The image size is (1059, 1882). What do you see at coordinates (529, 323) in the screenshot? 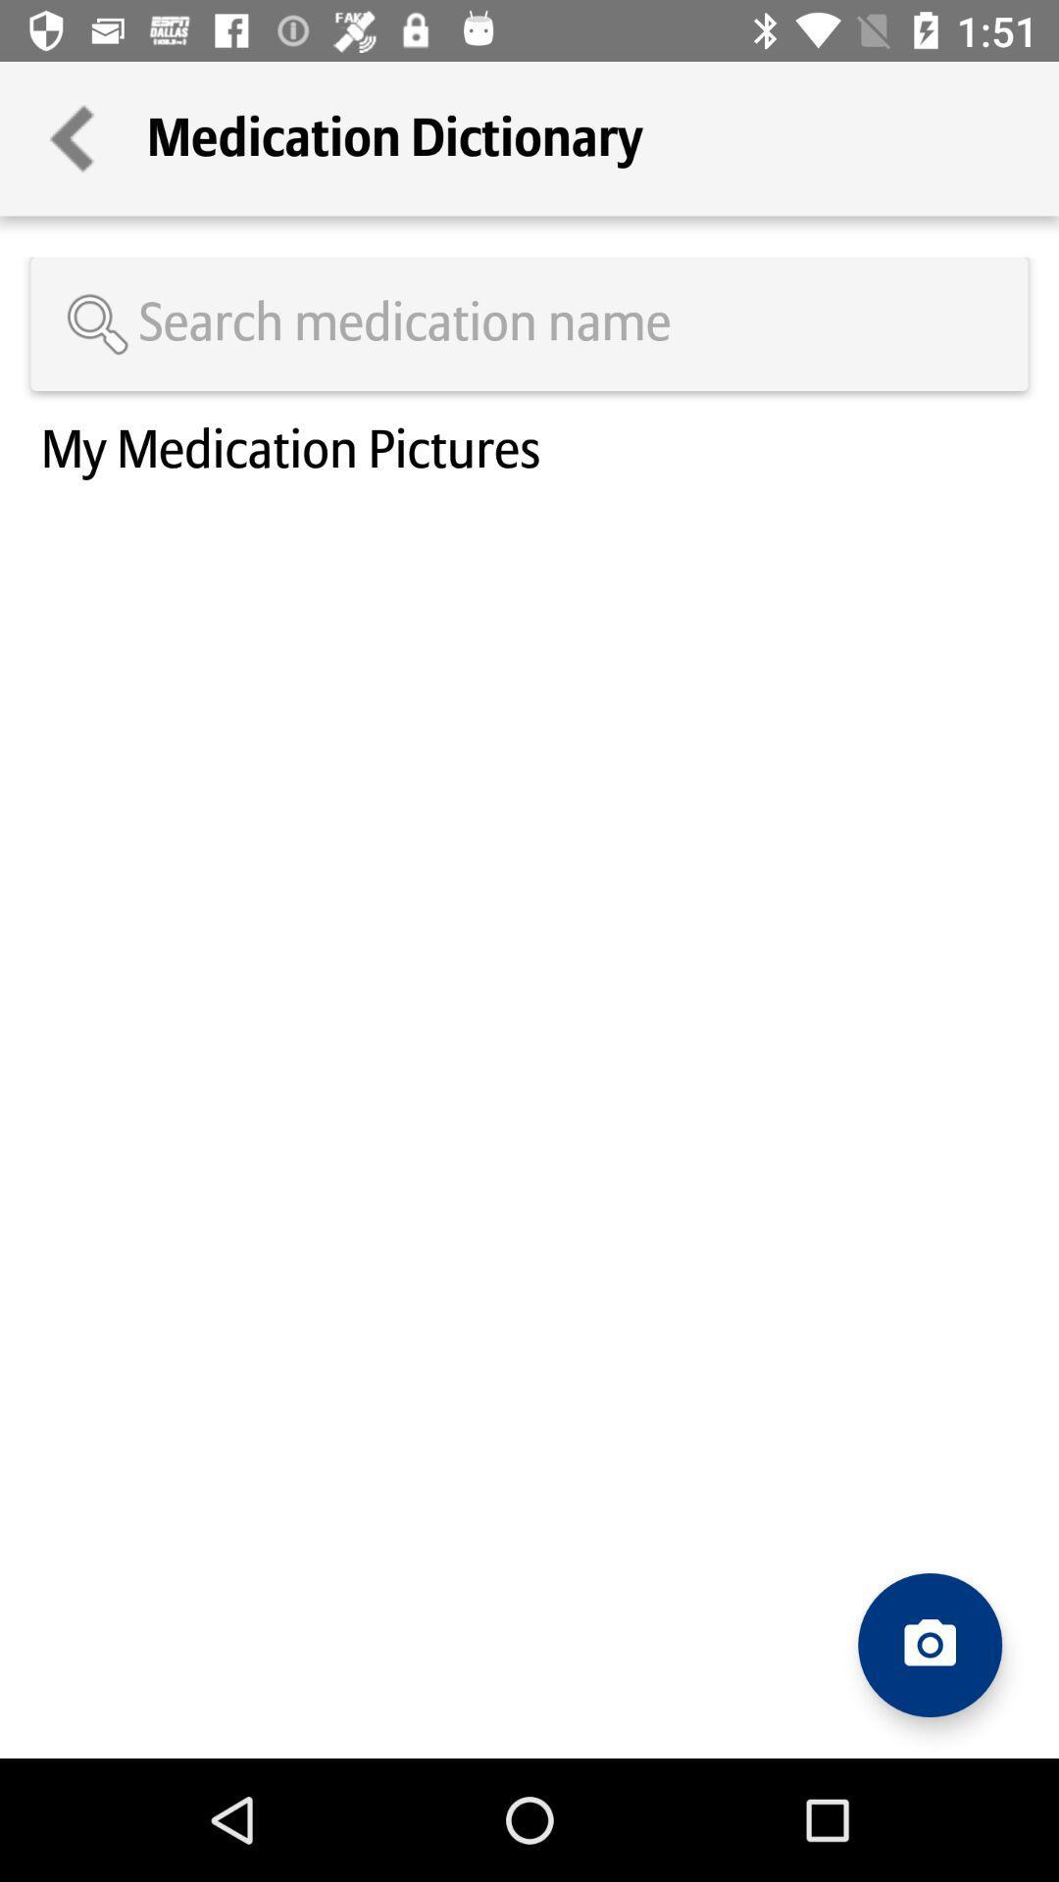
I see `the icon above the my medication pictures` at bounding box center [529, 323].